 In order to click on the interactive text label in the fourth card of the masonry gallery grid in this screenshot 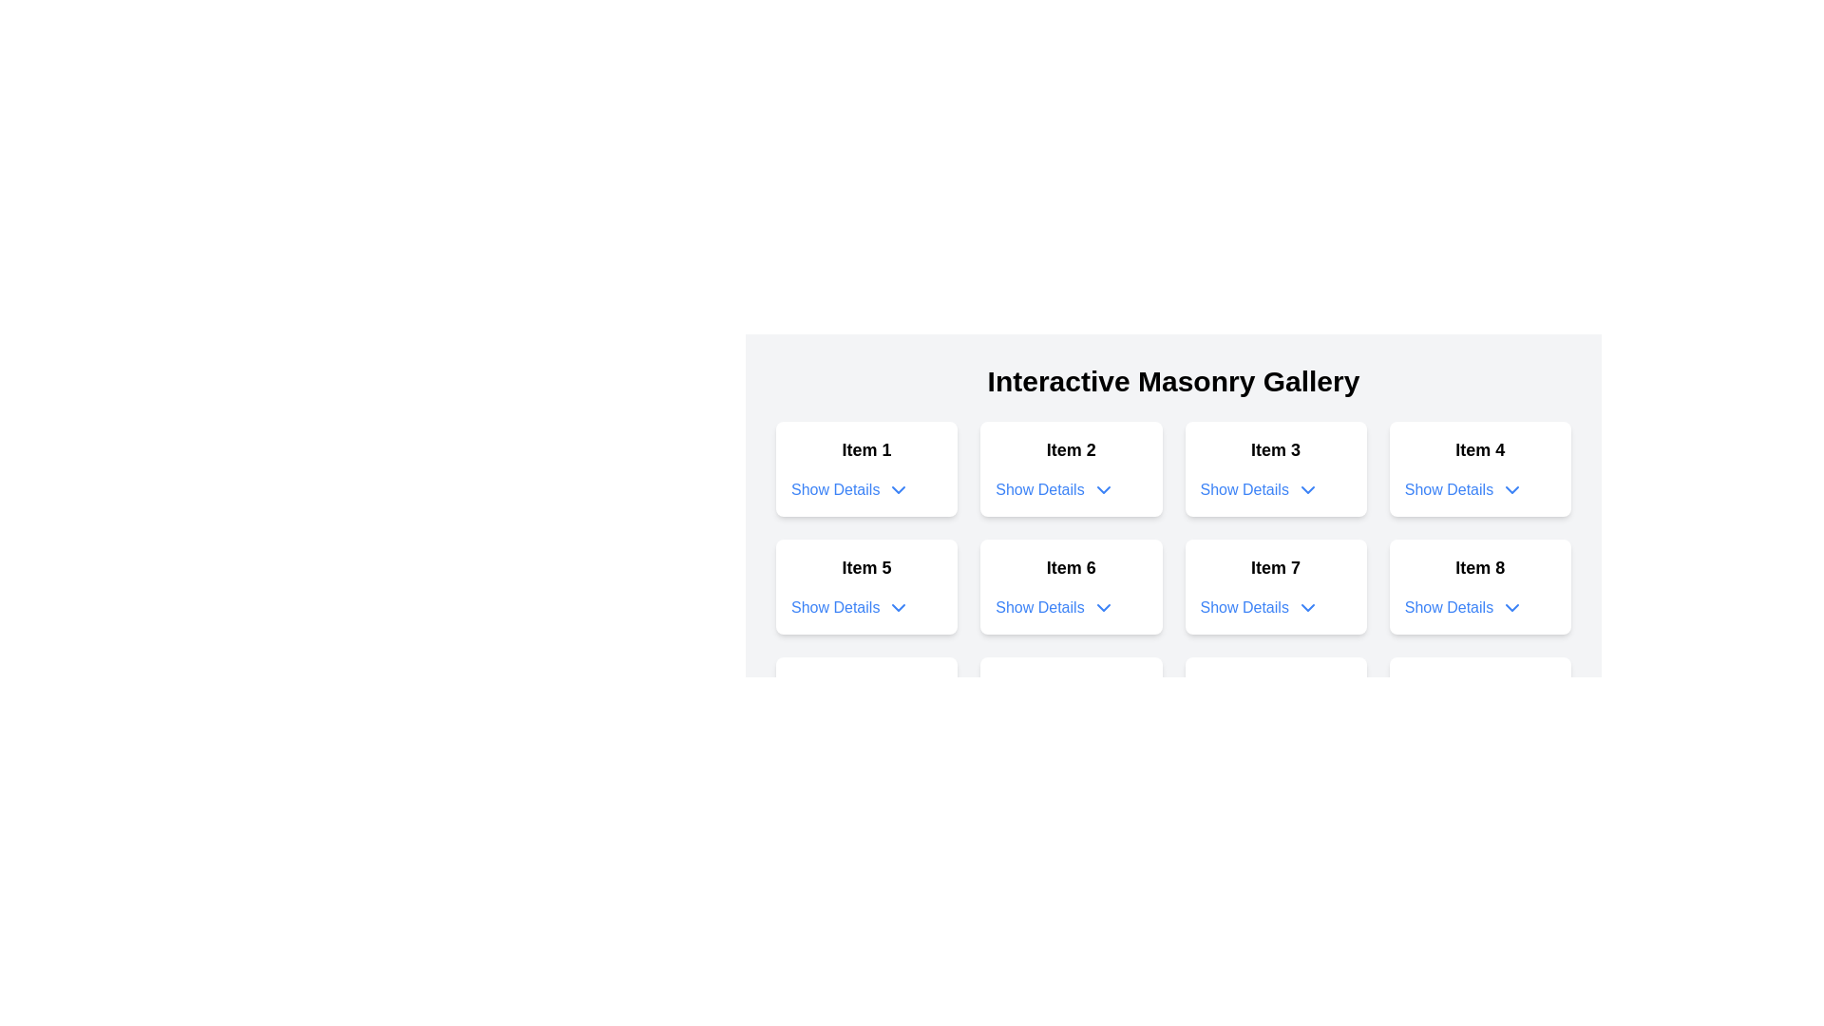, I will do `click(1448, 489)`.